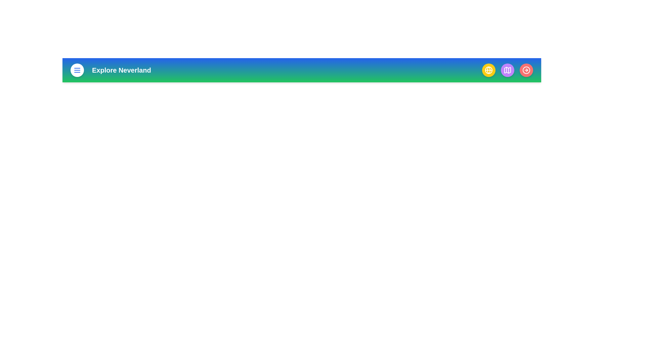 Image resolution: width=645 pixels, height=363 pixels. What do you see at coordinates (77, 70) in the screenshot?
I see `the button with white color to view its hover effect` at bounding box center [77, 70].